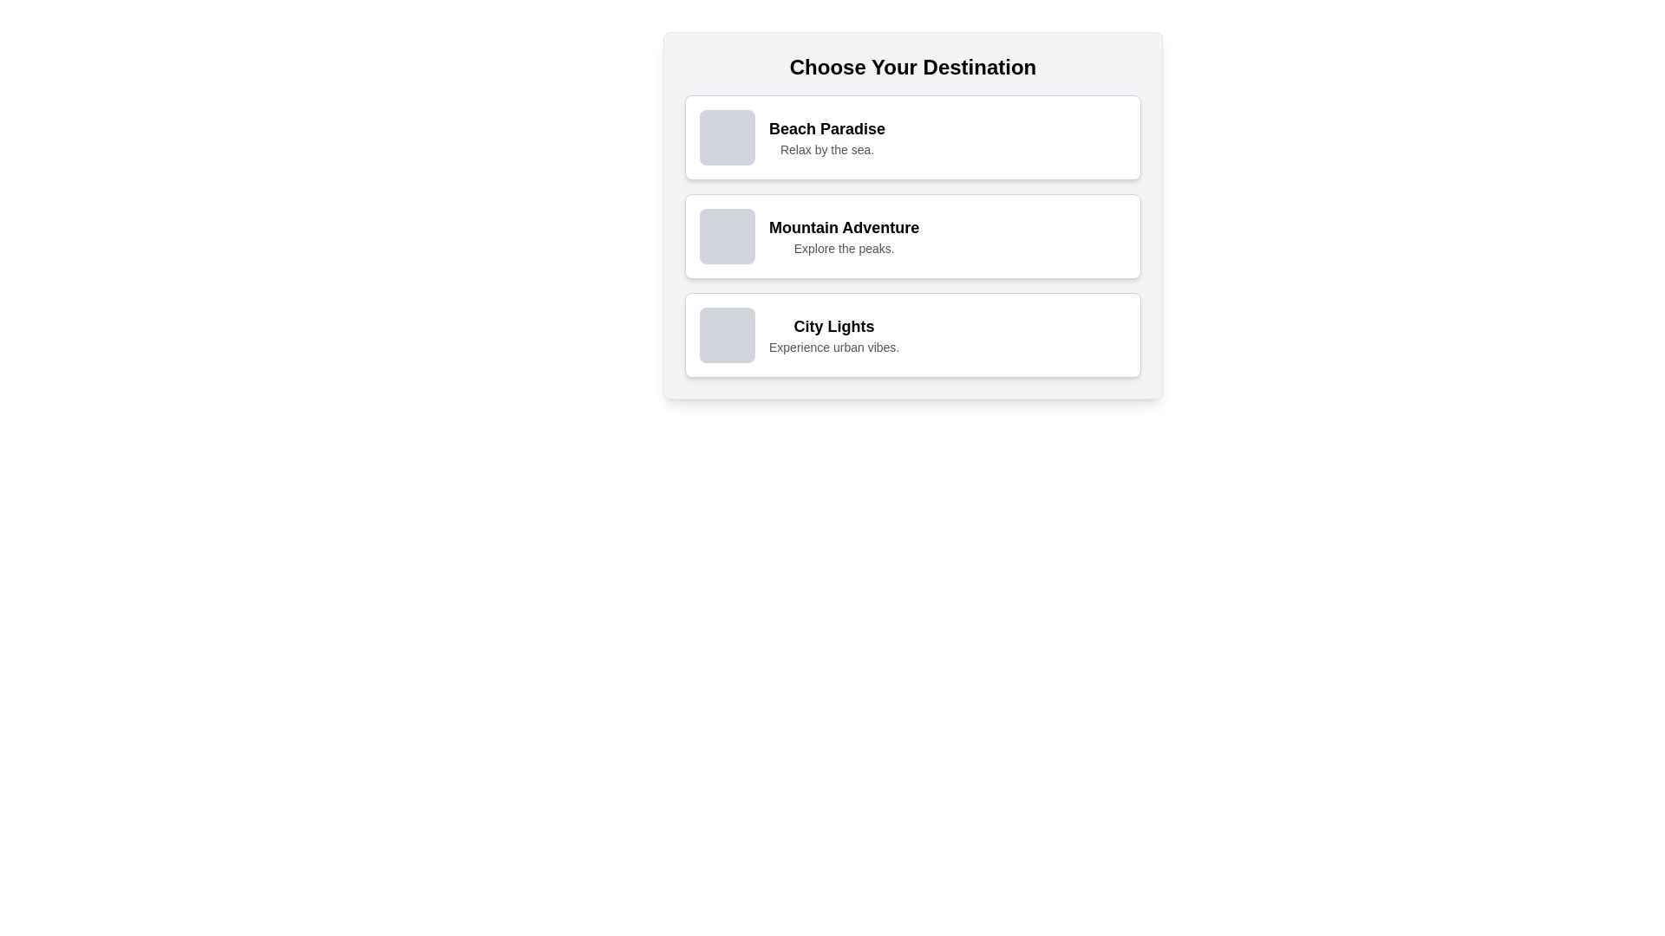 Image resolution: width=1665 pixels, height=936 pixels. I want to click on bold title text 'Mountain Adventure' which is positioned above a subordinate description in the second card option of a vertically stacked list, so click(844, 226).